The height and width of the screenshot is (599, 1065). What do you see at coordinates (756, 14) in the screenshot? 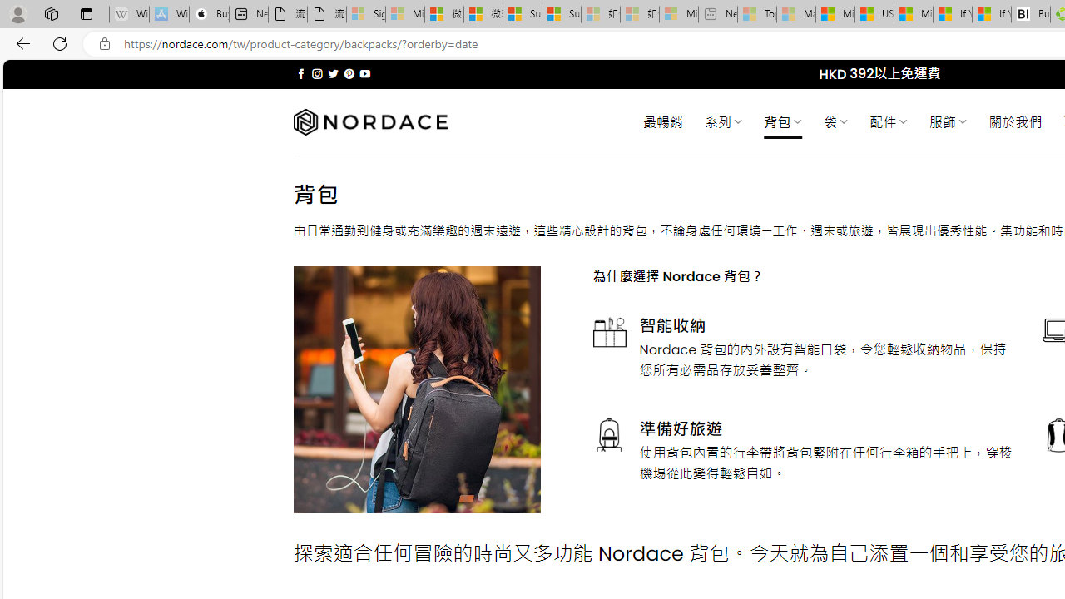
I see `'Top Stories - MSN - Sleeping'` at bounding box center [756, 14].